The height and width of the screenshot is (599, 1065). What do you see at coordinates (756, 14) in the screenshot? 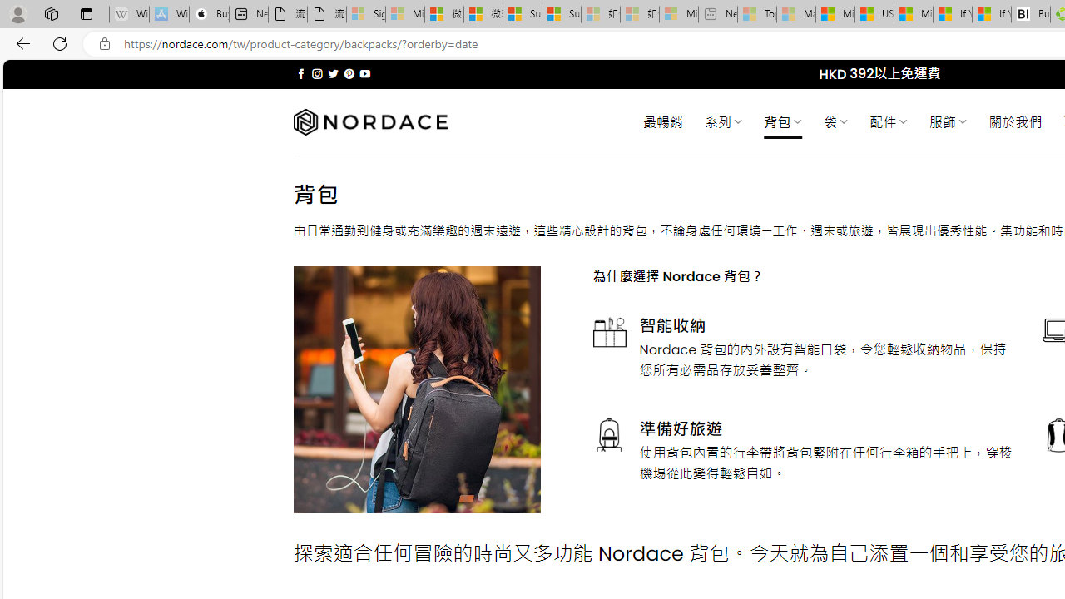
I see `'Top Stories - MSN - Sleeping'` at bounding box center [756, 14].